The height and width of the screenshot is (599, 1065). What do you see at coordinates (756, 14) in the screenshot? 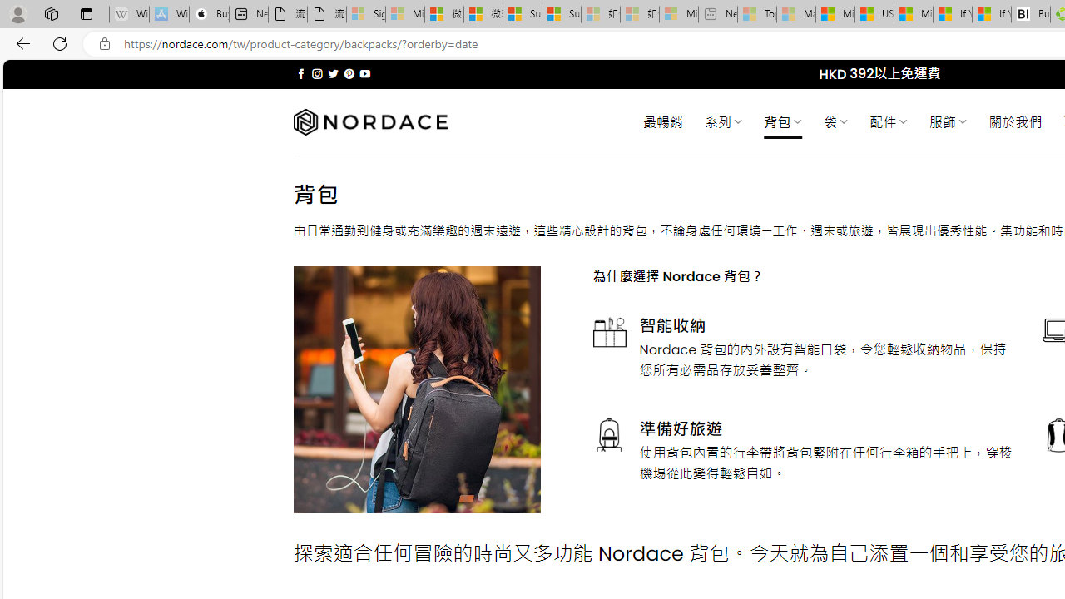
I see `'Top Stories - MSN - Sleeping'` at bounding box center [756, 14].